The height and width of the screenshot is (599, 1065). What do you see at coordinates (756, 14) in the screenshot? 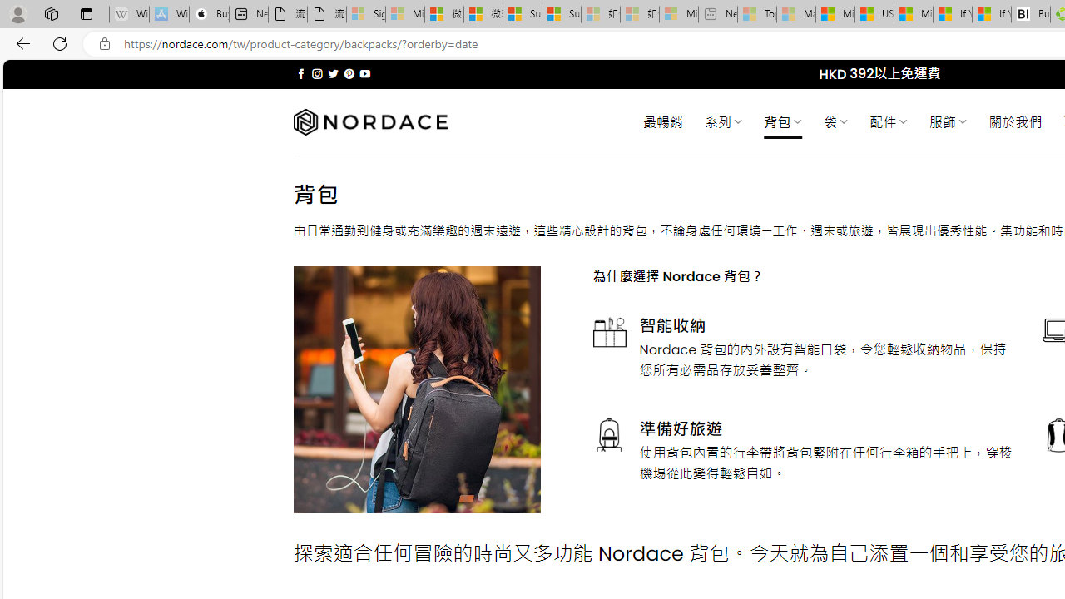
I see `'Top Stories - MSN - Sleeping'` at bounding box center [756, 14].